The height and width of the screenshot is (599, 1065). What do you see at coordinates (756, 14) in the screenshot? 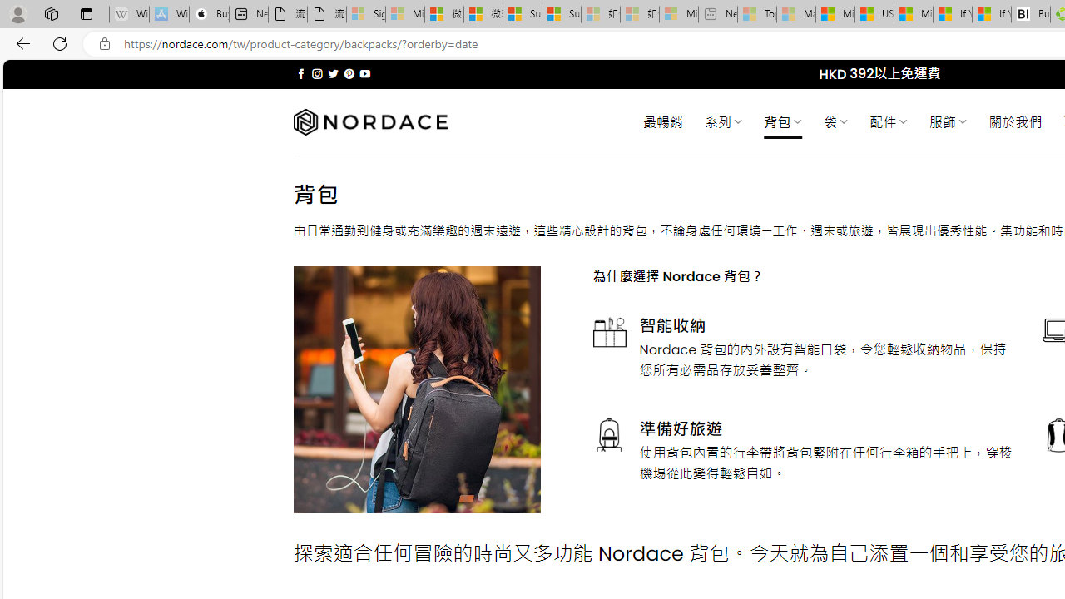
I see `'Top Stories - MSN - Sleeping'` at bounding box center [756, 14].